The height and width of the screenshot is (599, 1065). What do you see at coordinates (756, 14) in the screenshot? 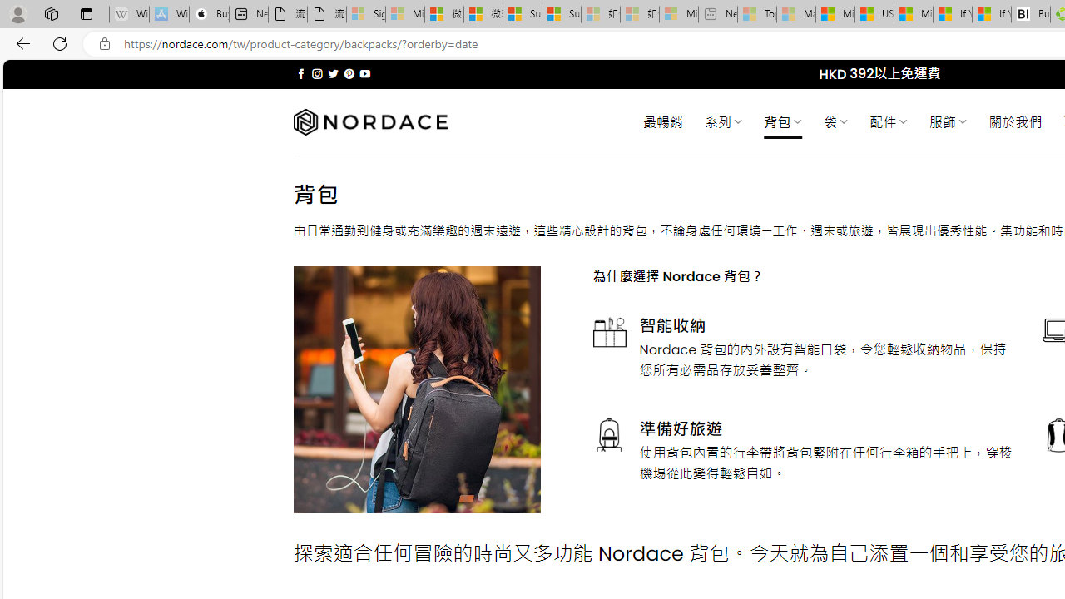
I see `'Top Stories - MSN - Sleeping'` at bounding box center [756, 14].